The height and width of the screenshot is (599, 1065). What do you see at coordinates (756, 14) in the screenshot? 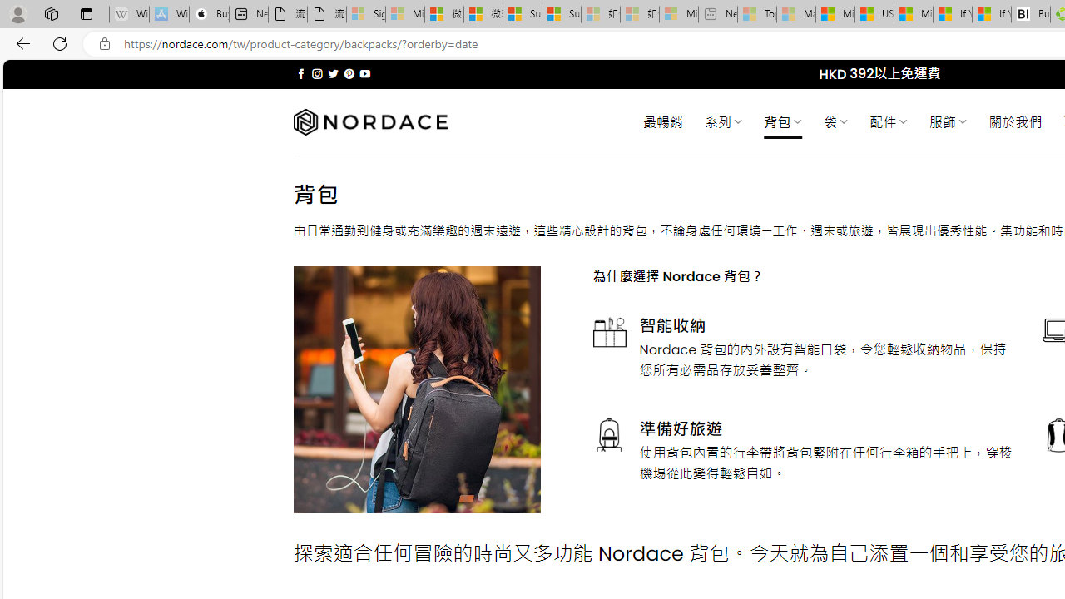
I see `'Top Stories - MSN - Sleeping'` at bounding box center [756, 14].